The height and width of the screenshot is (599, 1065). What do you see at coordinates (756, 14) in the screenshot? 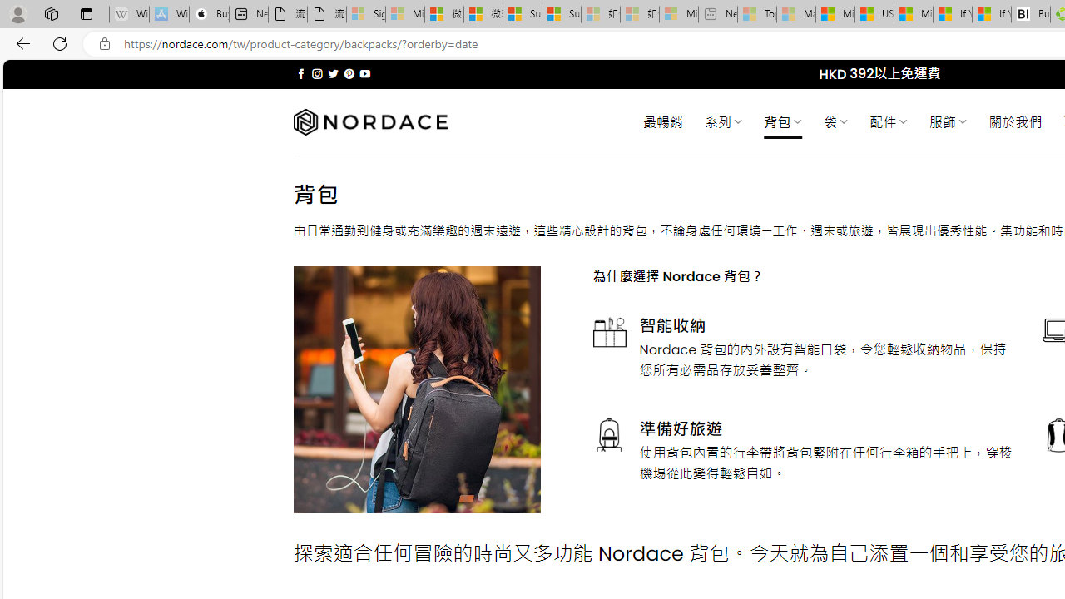
I see `'Top Stories - MSN - Sleeping'` at bounding box center [756, 14].